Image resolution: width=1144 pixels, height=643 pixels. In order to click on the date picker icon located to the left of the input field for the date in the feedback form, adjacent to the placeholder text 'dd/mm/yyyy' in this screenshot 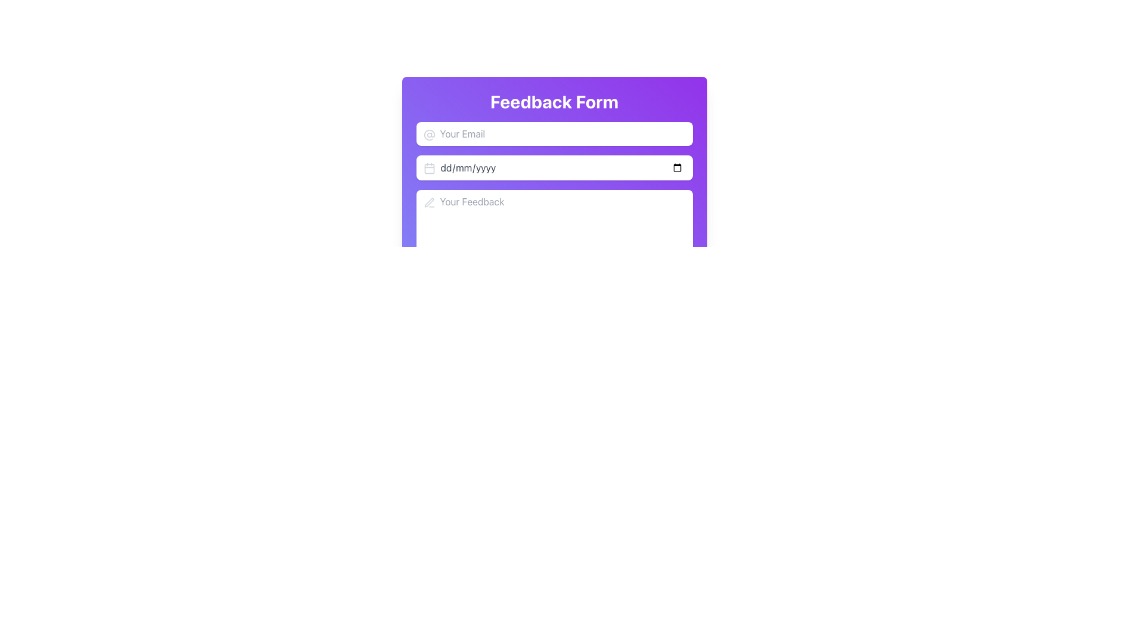, I will do `click(429, 168)`.